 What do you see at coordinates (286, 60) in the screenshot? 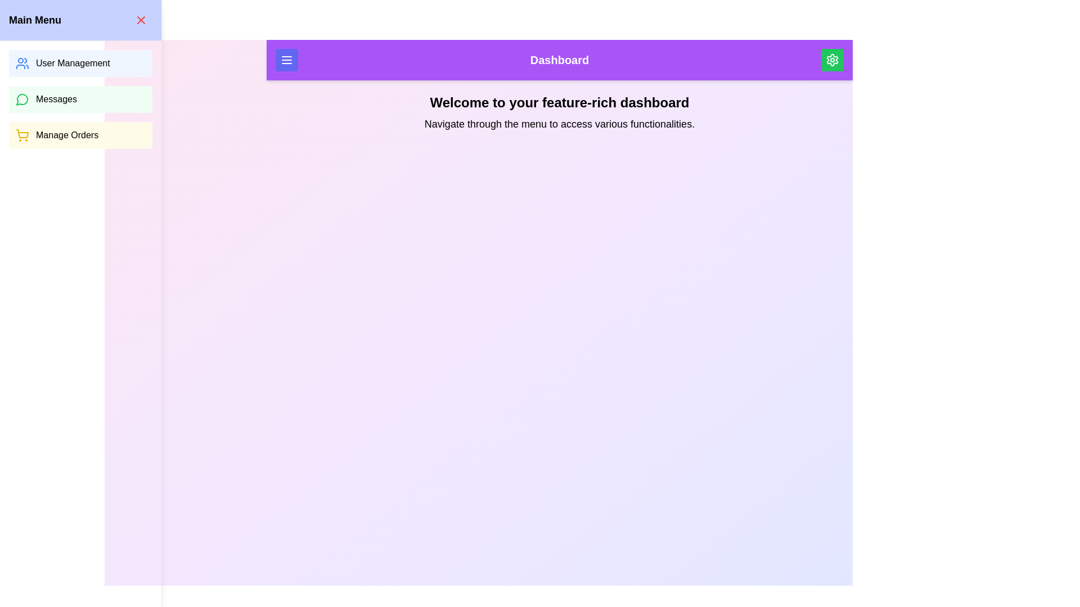
I see `the Icon (Menu) within the Button located at the top left of the purple navigation bar` at bounding box center [286, 60].